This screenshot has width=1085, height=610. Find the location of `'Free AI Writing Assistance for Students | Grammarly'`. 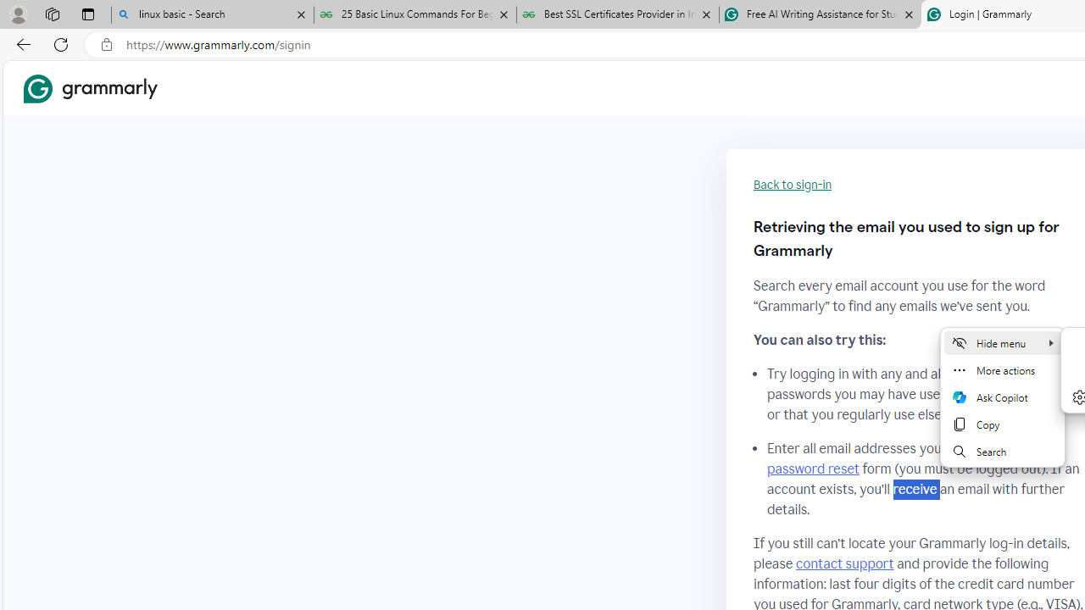

'Free AI Writing Assistance for Students | Grammarly' is located at coordinates (820, 14).